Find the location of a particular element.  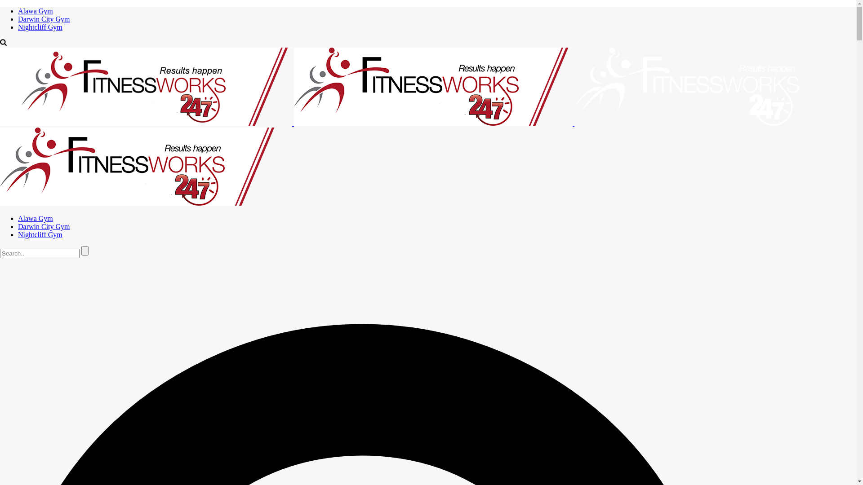

'Nightcliff Gym' is located at coordinates (18, 26).